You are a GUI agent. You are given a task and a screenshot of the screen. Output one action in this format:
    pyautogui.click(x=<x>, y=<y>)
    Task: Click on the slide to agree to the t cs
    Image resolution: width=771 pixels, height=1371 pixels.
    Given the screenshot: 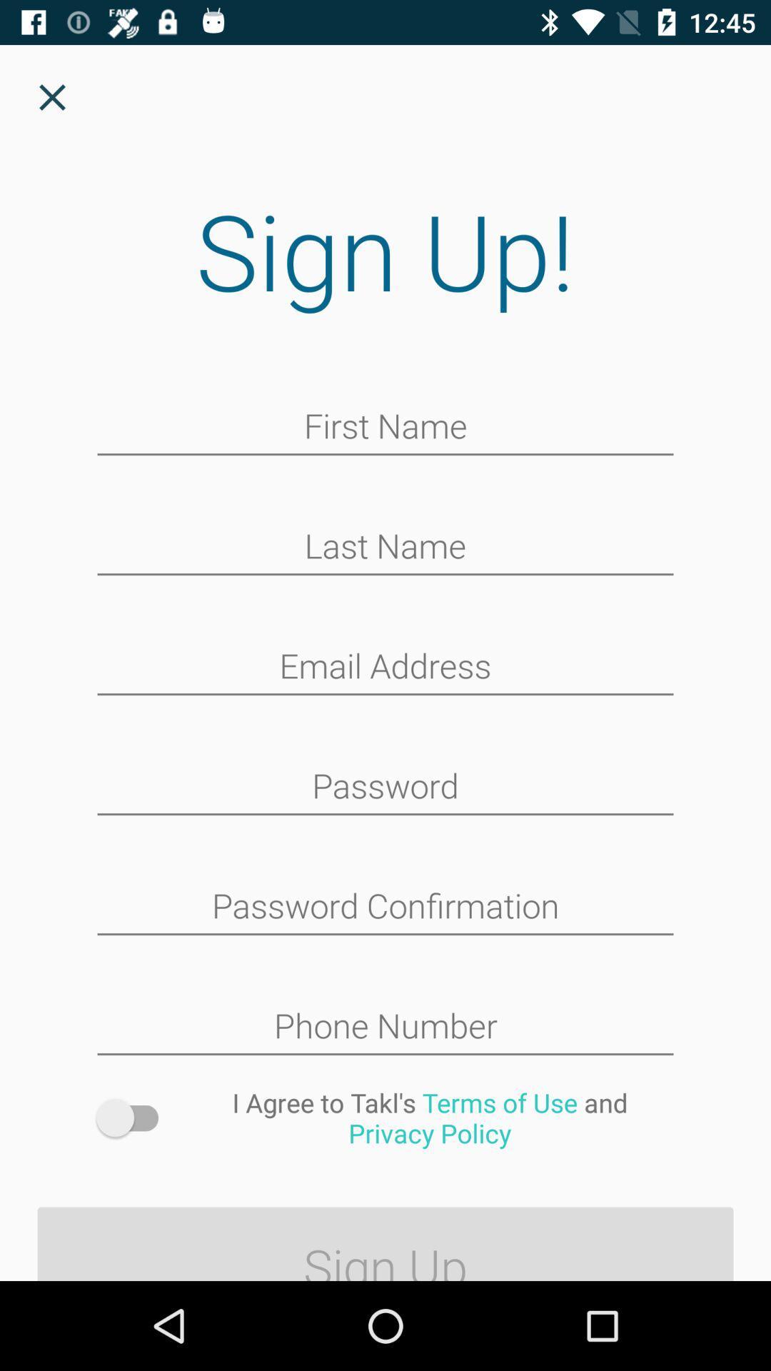 What is the action you would take?
    pyautogui.click(x=134, y=1117)
    